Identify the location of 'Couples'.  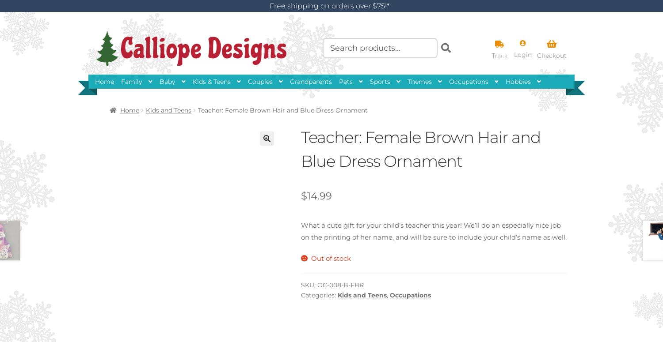
(248, 81).